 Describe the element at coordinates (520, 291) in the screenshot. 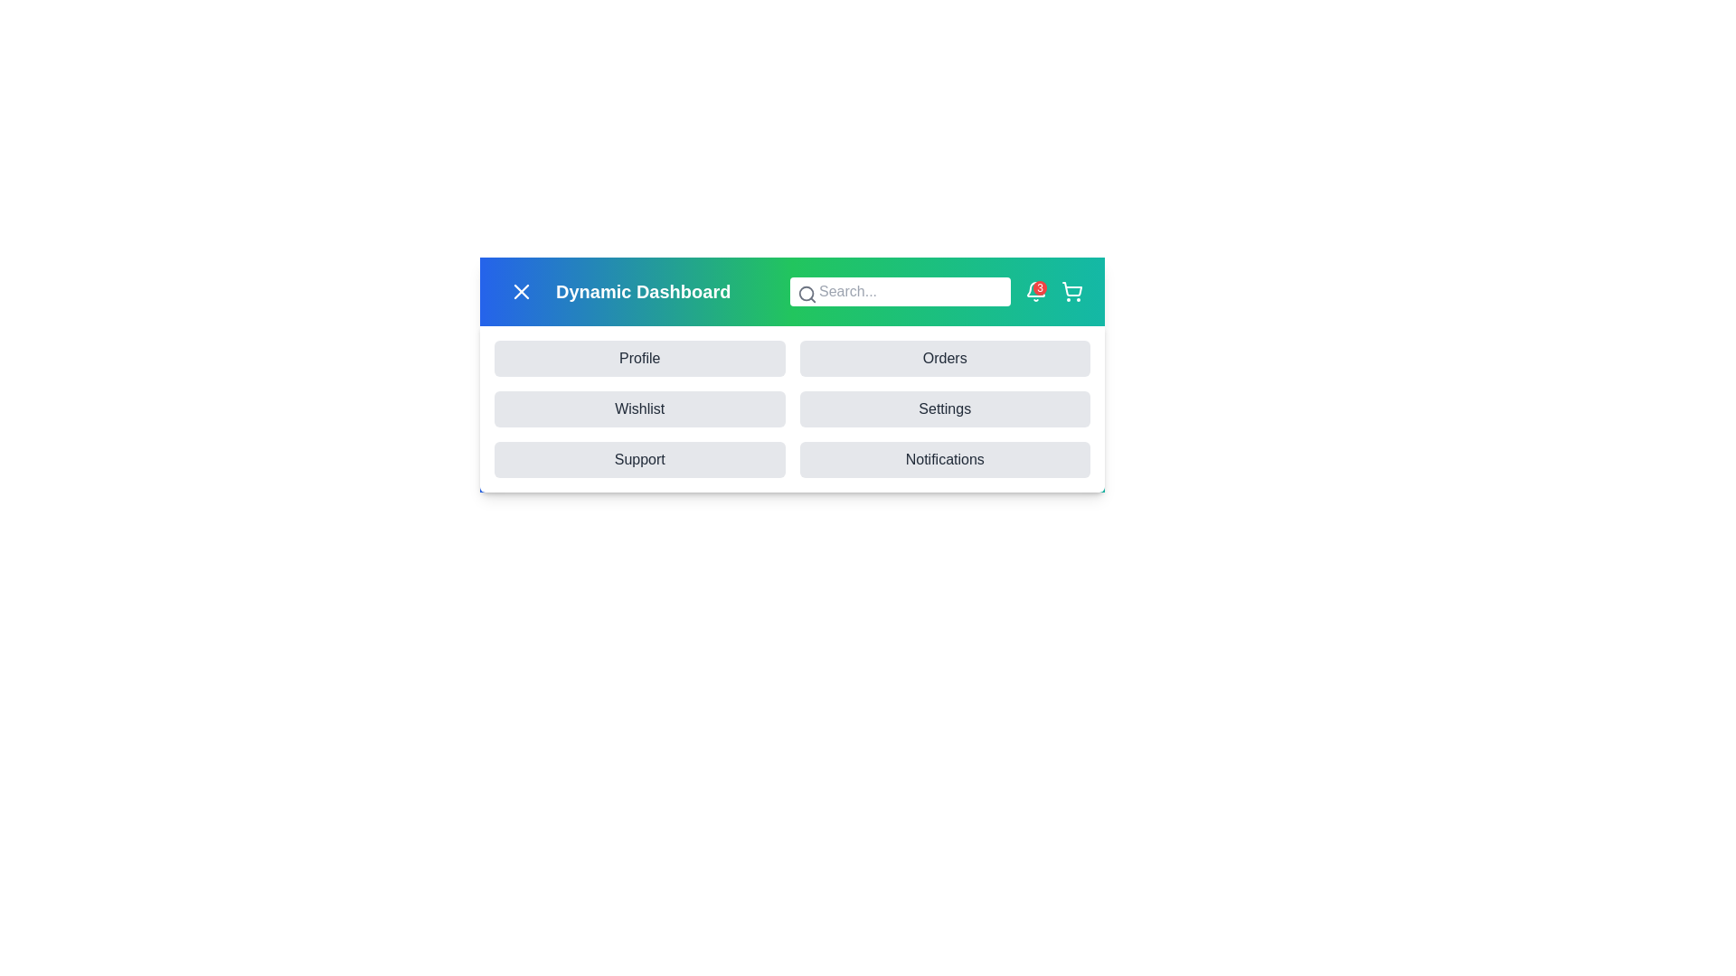

I see `the menu button to toggle the menu visibility` at that location.